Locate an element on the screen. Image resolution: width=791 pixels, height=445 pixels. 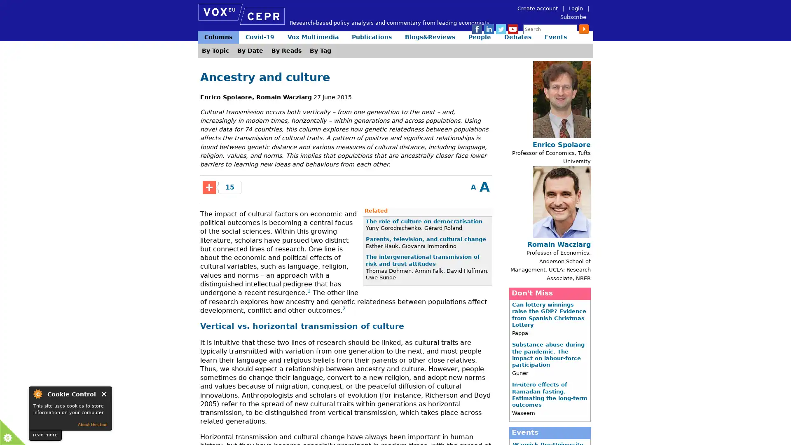
Close is located at coordinates (104, 393).